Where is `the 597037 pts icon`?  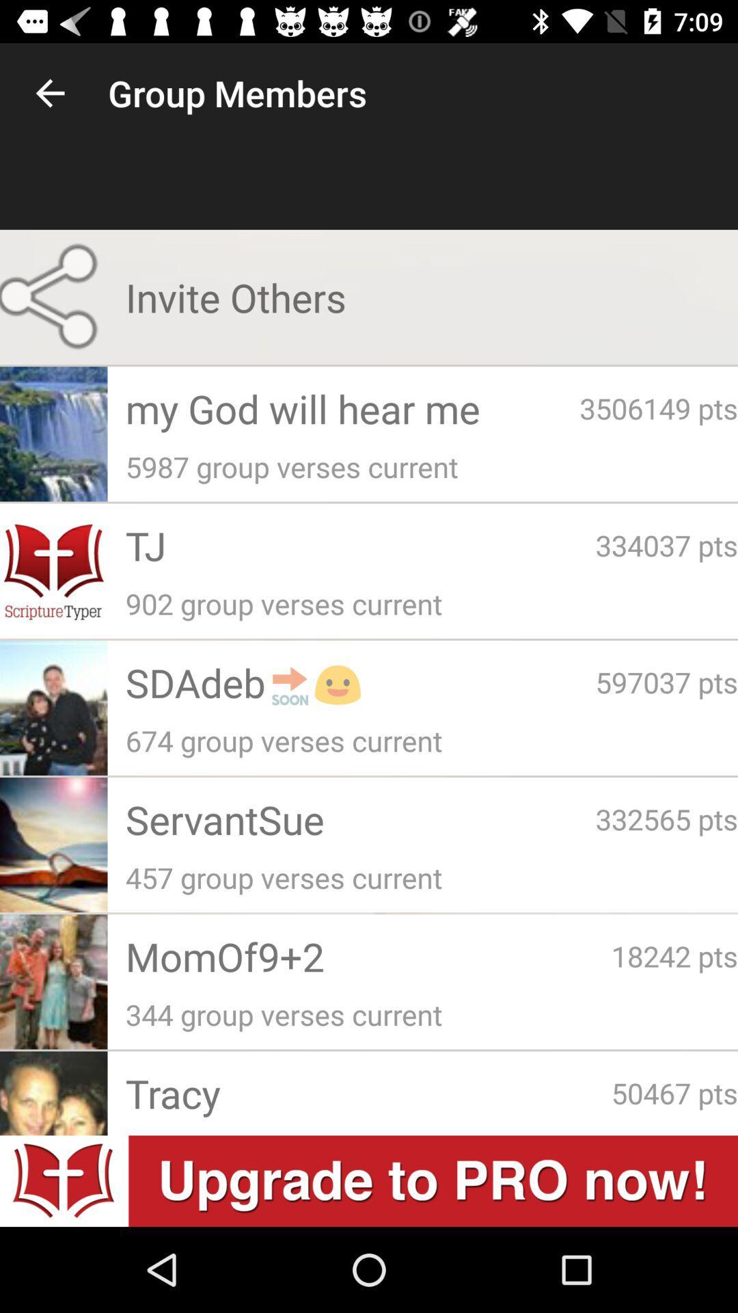
the 597037 pts icon is located at coordinates (666, 682).